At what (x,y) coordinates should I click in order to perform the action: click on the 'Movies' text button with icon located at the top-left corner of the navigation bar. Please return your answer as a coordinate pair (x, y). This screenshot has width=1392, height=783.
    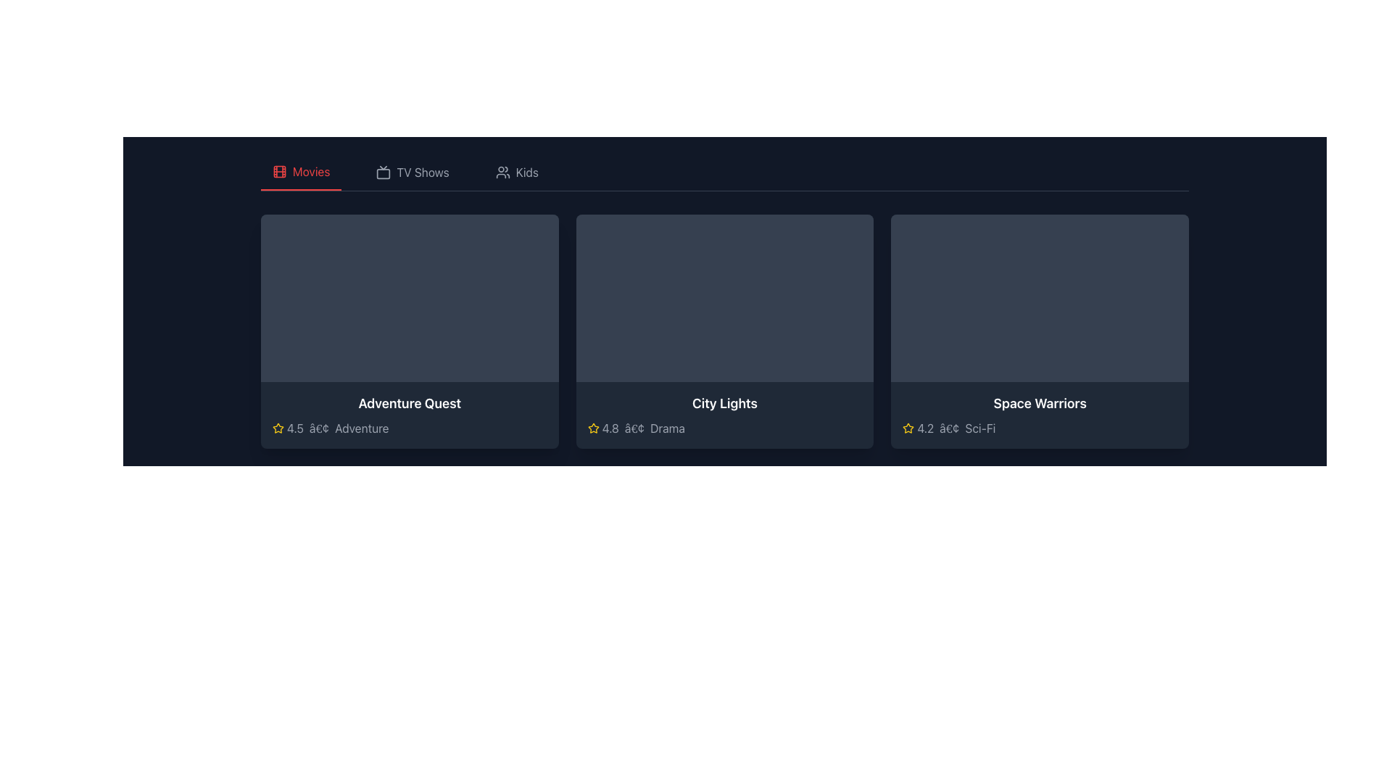
    Looking at the image, I should click on (300, 172).